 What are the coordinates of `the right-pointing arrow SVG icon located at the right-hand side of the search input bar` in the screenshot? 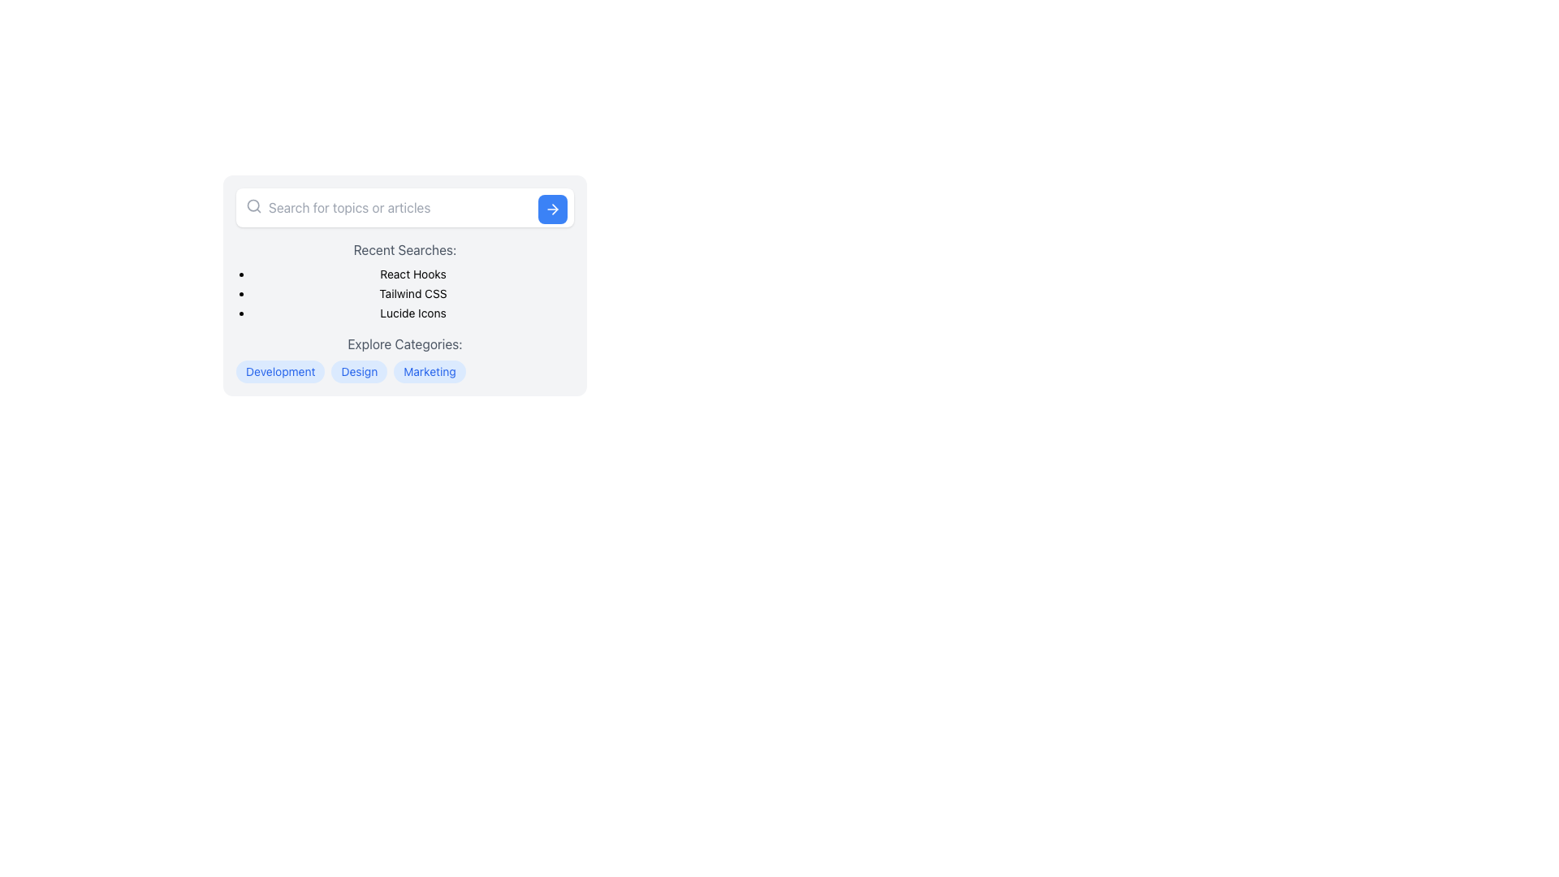 It's located at (555, 209).